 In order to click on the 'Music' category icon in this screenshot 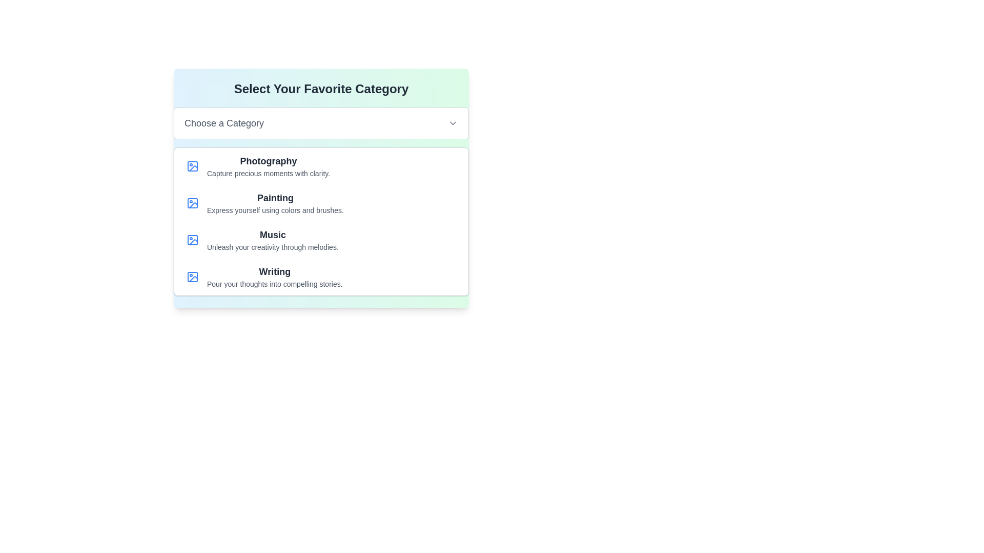, I will do `click(192, 240)`.